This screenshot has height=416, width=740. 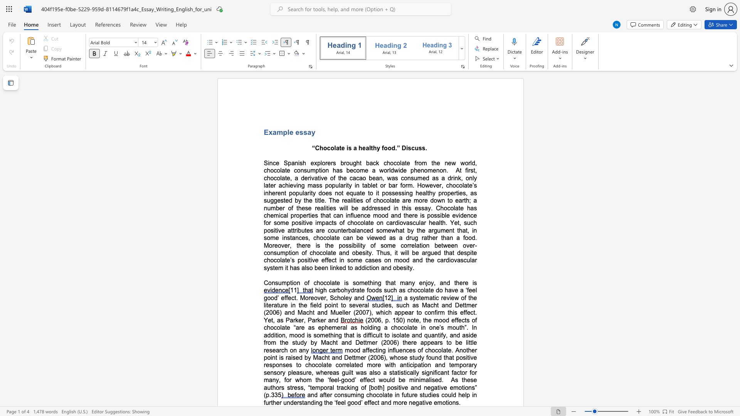 I want to click on the subset text "d’ effect and more negative e" within the text "and after consuming chocolate in future studies could help in further understanding the ‘feel good’ effect and more negative emotions.", so click(x=357, y=402).